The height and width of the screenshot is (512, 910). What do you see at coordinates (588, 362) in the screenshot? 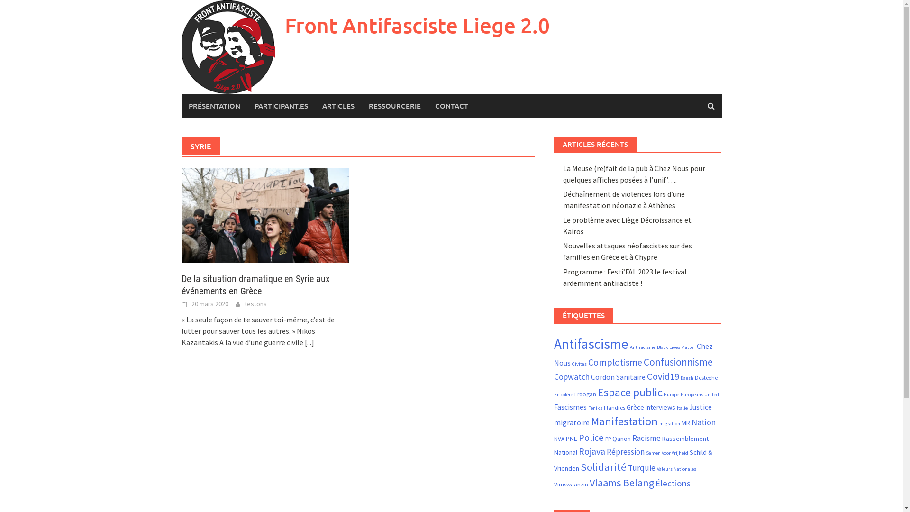
I see `'Complotisme'` at bounding box center [588, 362].